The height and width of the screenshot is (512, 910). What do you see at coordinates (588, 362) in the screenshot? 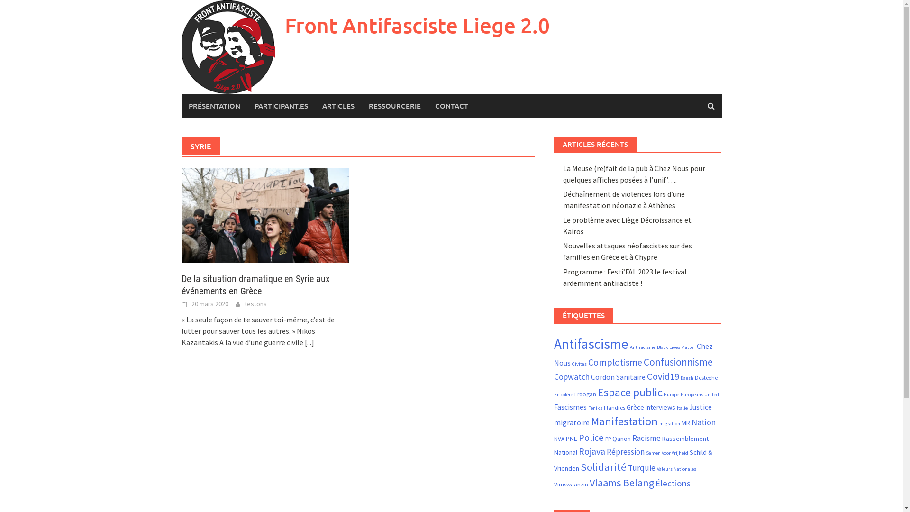
I see `'Complotisme'` at bounding box center [588, 362].